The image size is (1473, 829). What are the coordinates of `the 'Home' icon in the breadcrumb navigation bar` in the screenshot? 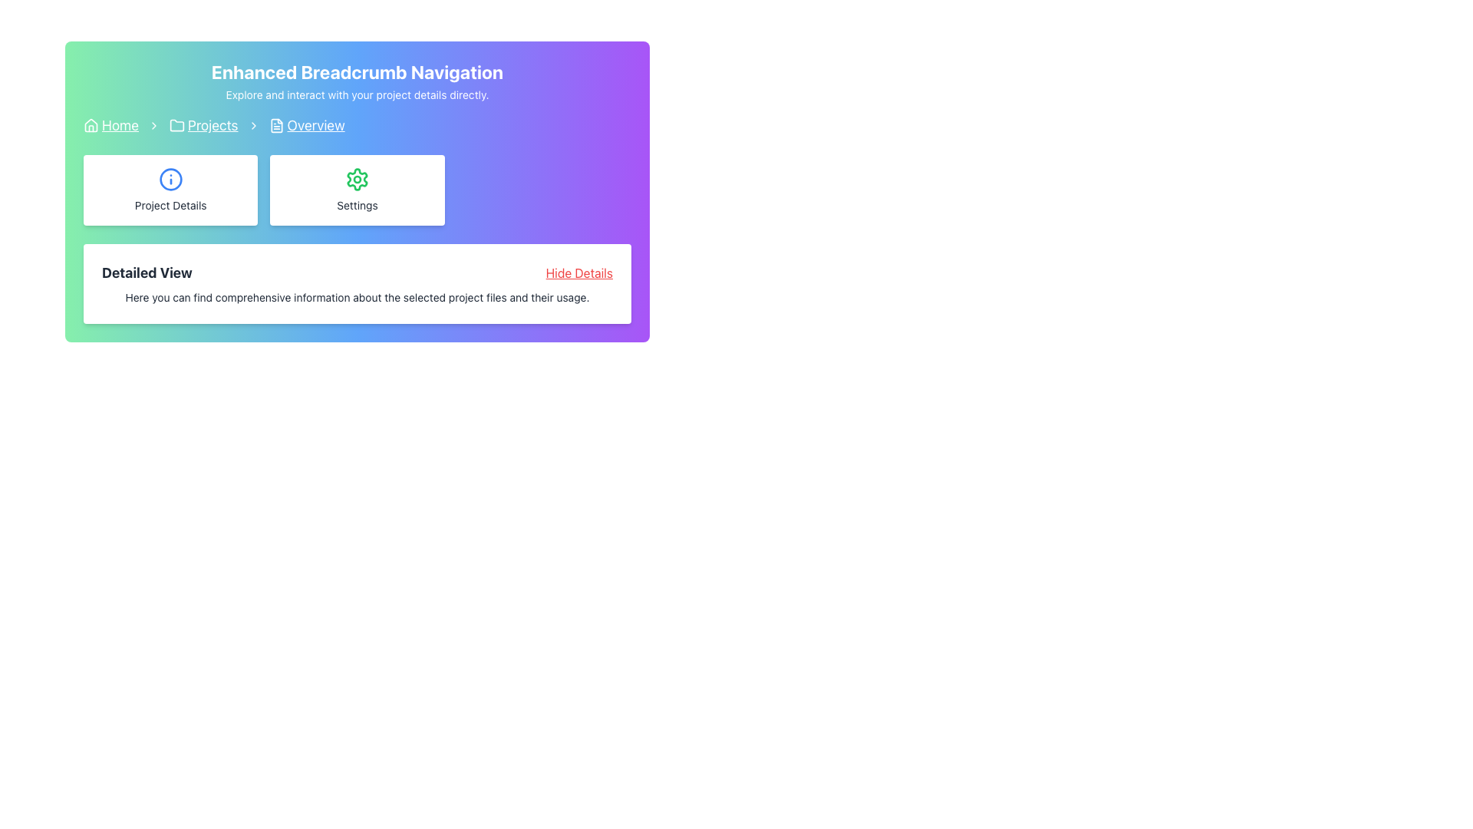 It's located at (91, 124).